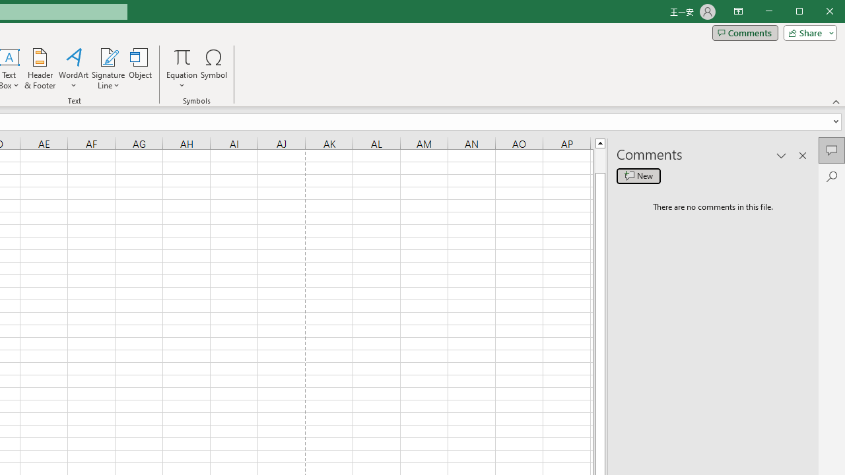 The image size is (845, 475). Describe the element at coordinates (831, 175) in the screenshot. I see `'Search'` at that location.